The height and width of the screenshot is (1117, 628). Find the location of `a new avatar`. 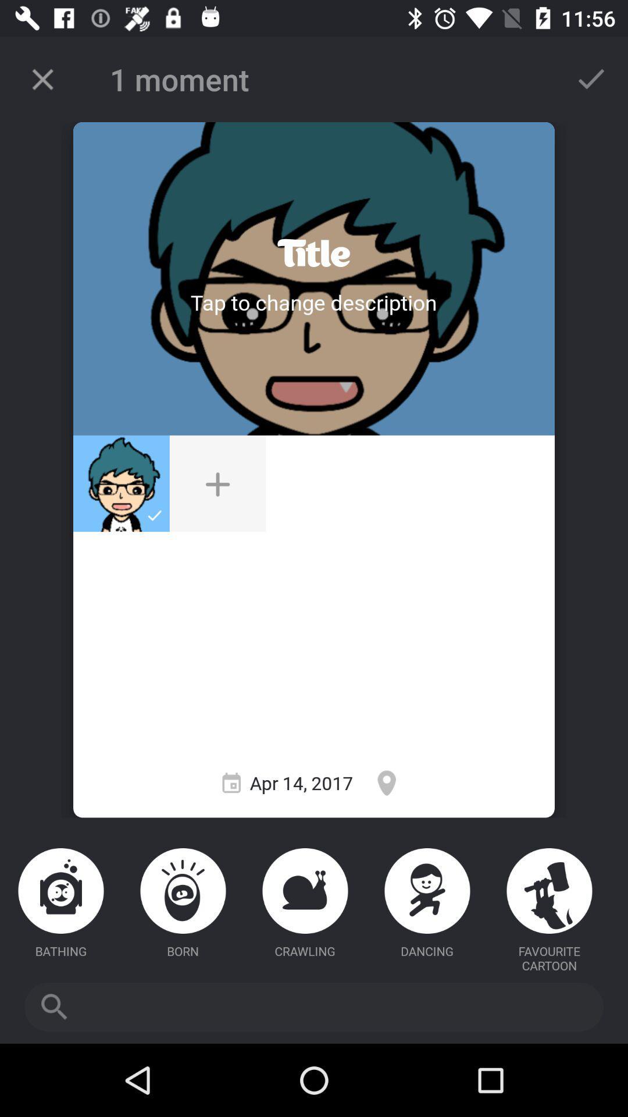

a new avatar is located at coordinates (217, 483).